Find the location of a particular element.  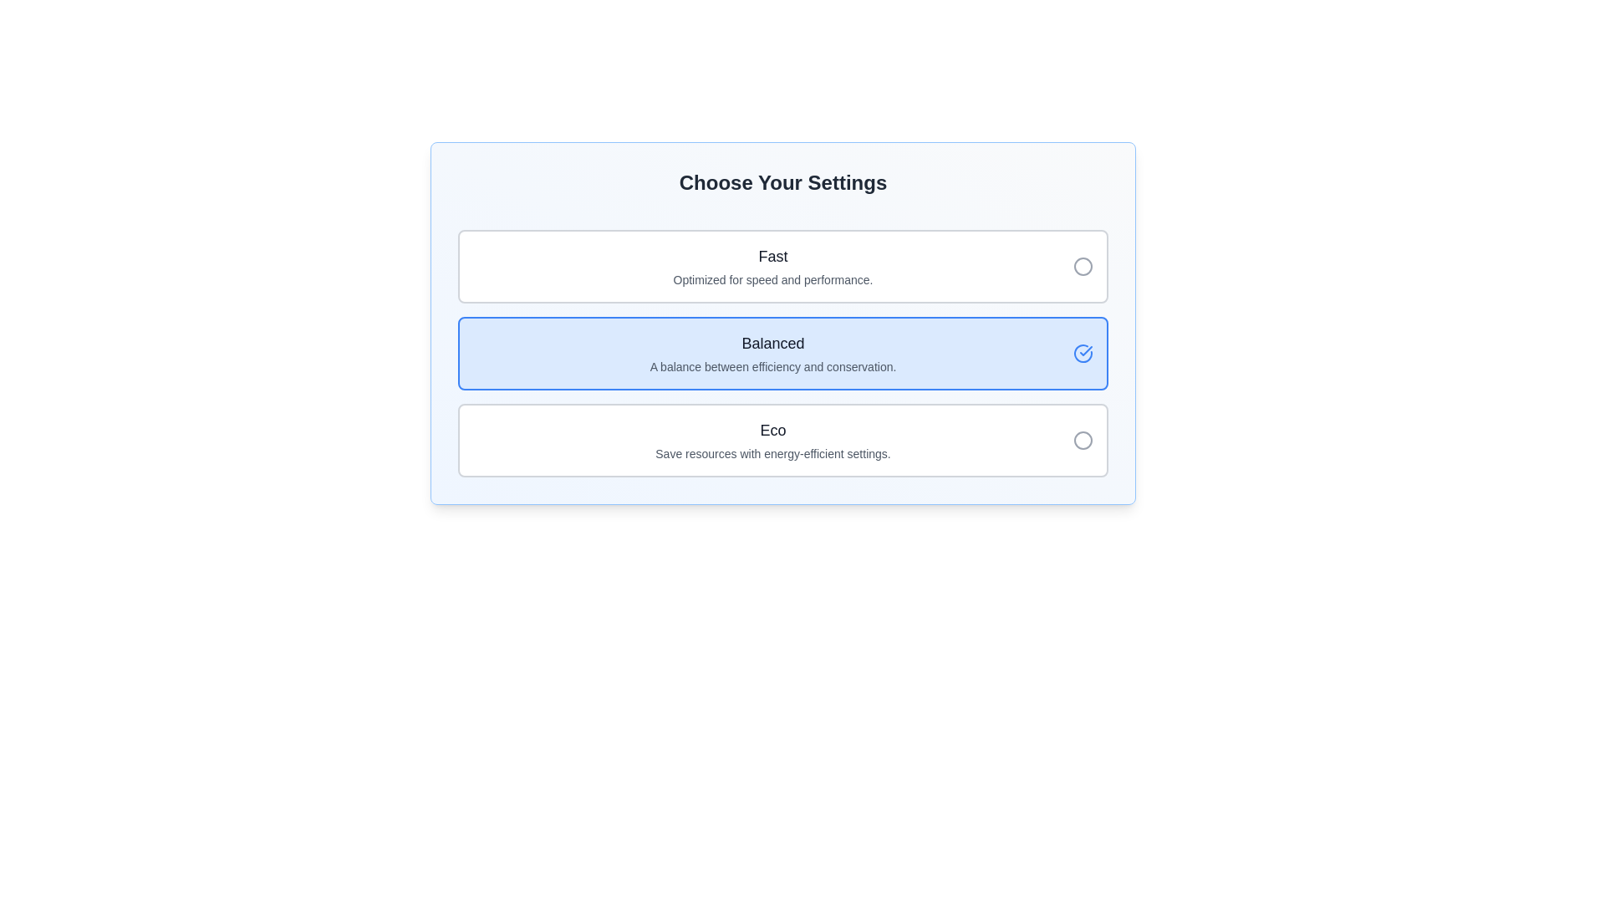

the circular radio button with a gray border located is located at coordinates (1083, 440).